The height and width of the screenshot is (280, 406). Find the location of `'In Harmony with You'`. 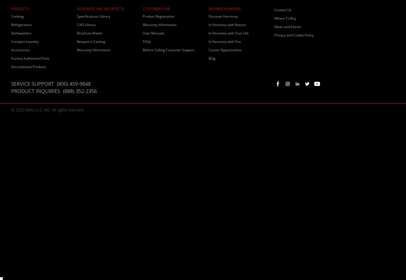

'In Harmony with You' is located at coordinates (225, 41).